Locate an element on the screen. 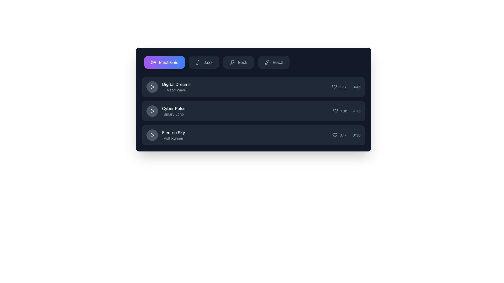 The image size is (504, 283). the third item in the list titled 'Electric Sky' with subtitle 'Volt Runner' is located at coordinates (165, 135).